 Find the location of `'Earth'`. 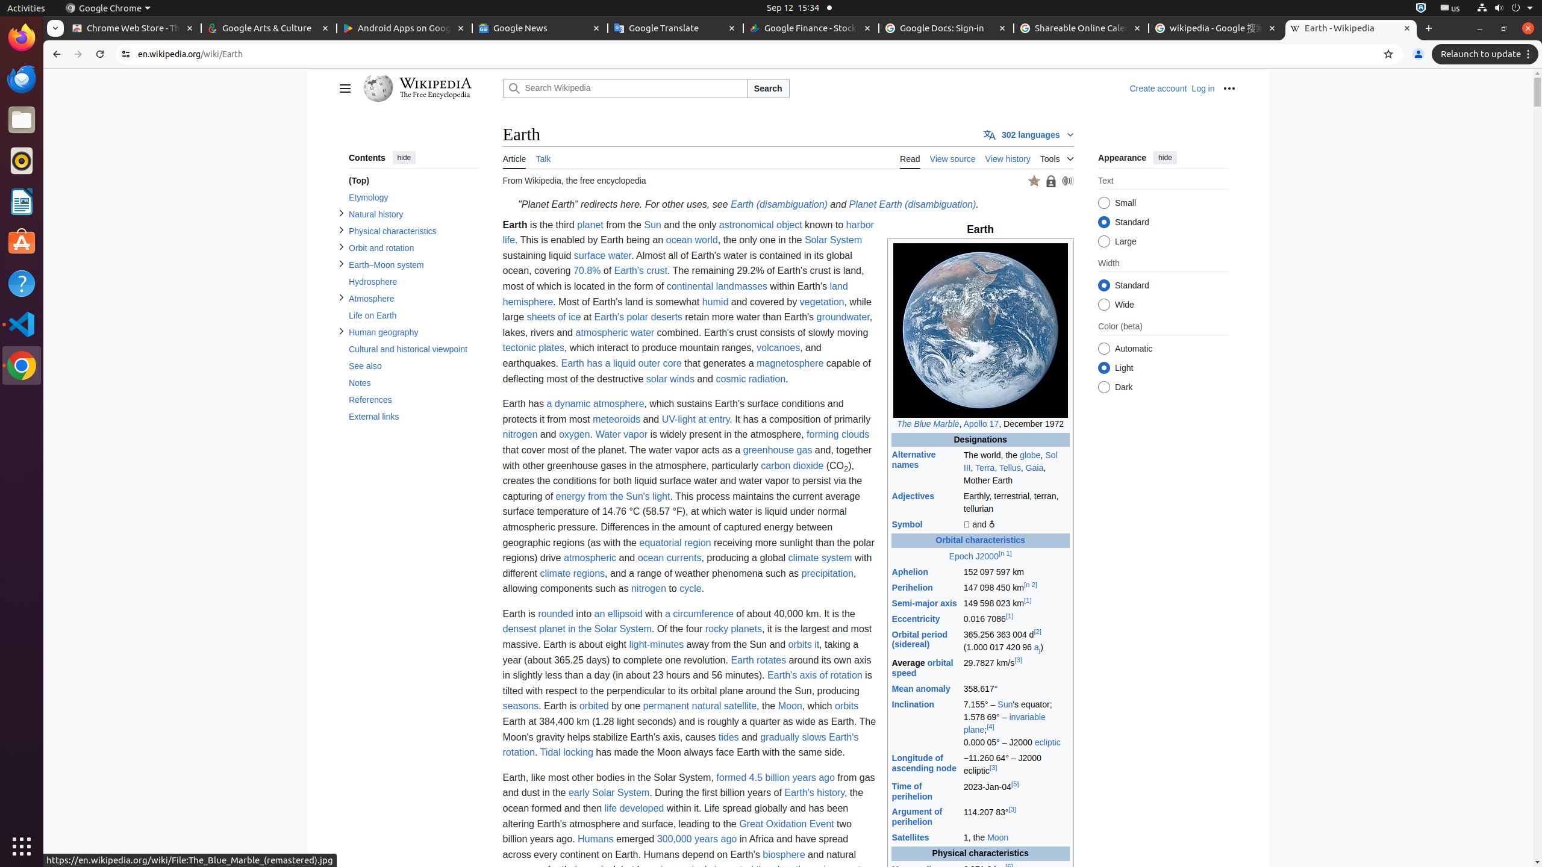

'Earth' is located at coordinates (813, 793).